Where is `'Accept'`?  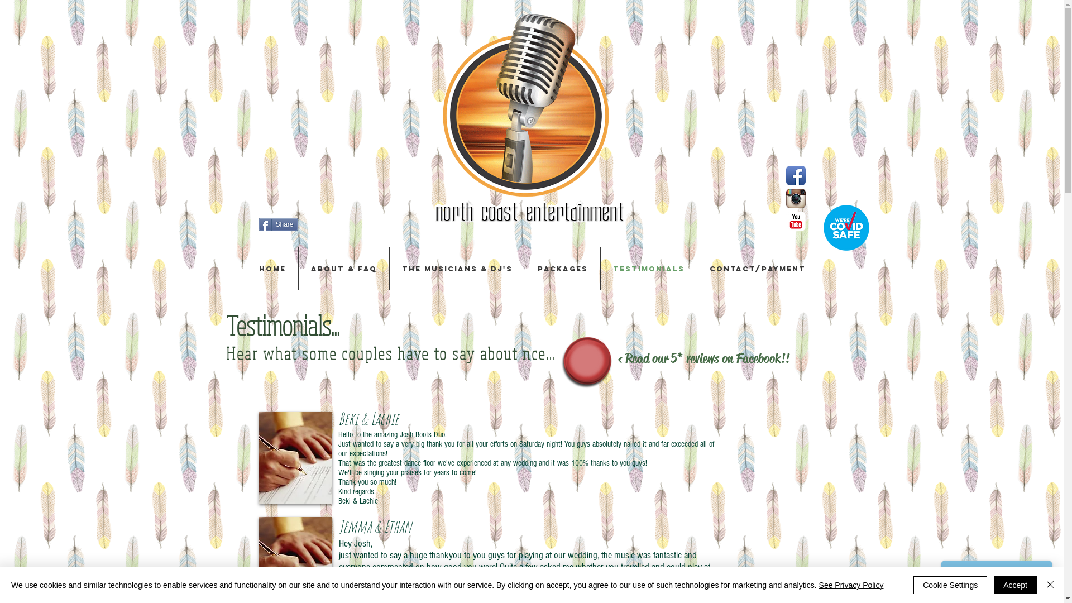
'Accept' is located at coordinates (1015, 585).